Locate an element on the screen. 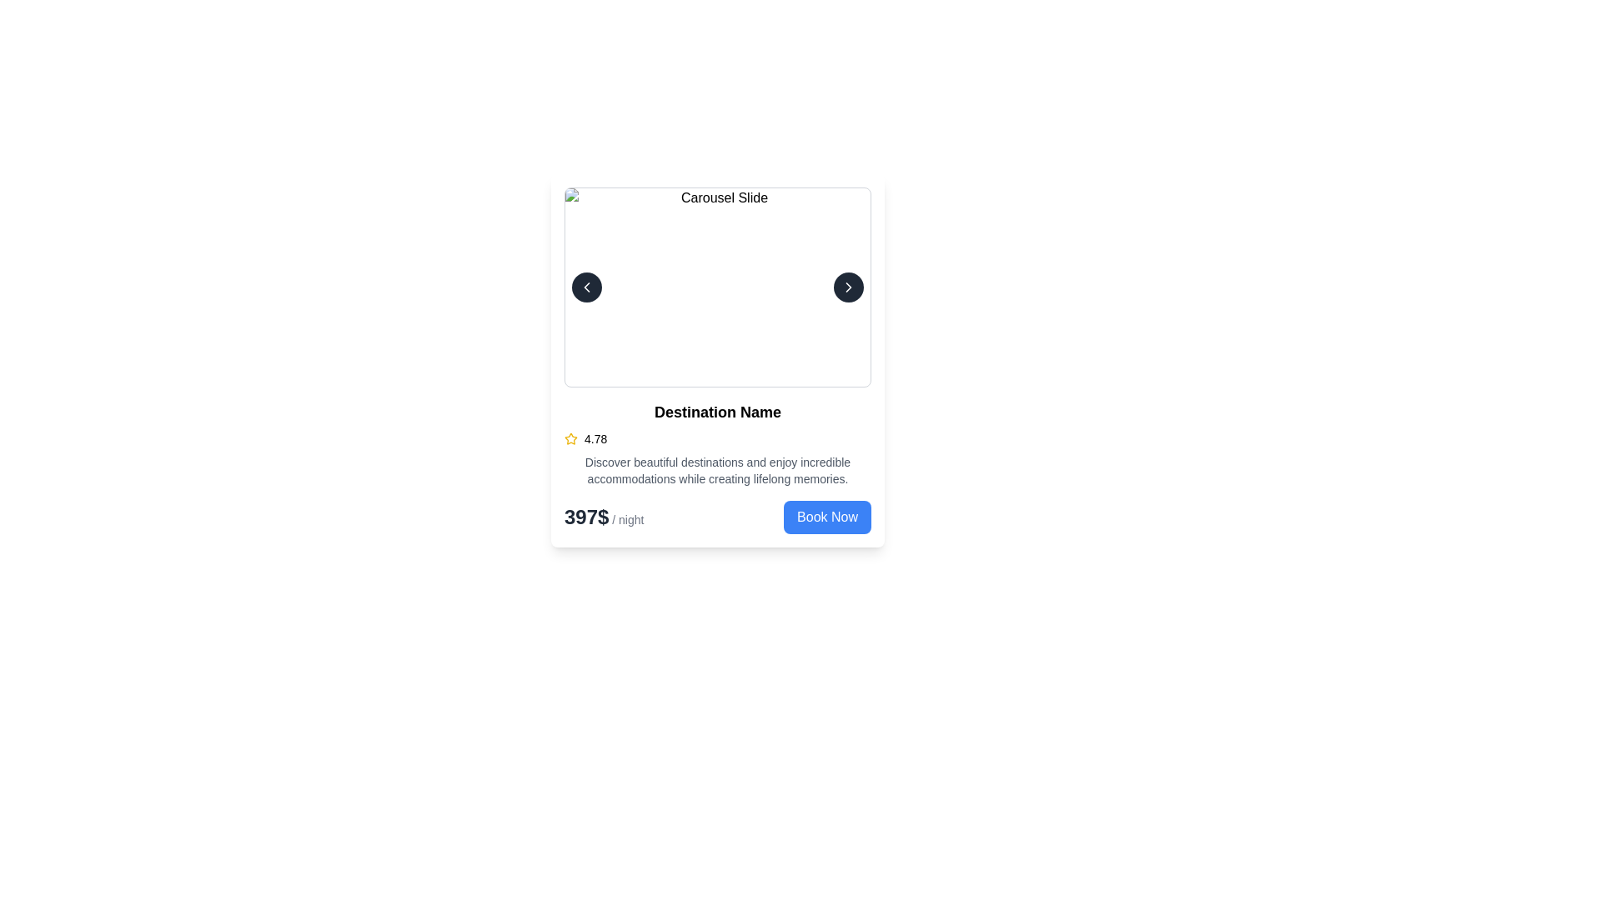  text label displaying '4.78' which is positioned next to a star icon, representing a rating score is located at coordinates (595, 438).